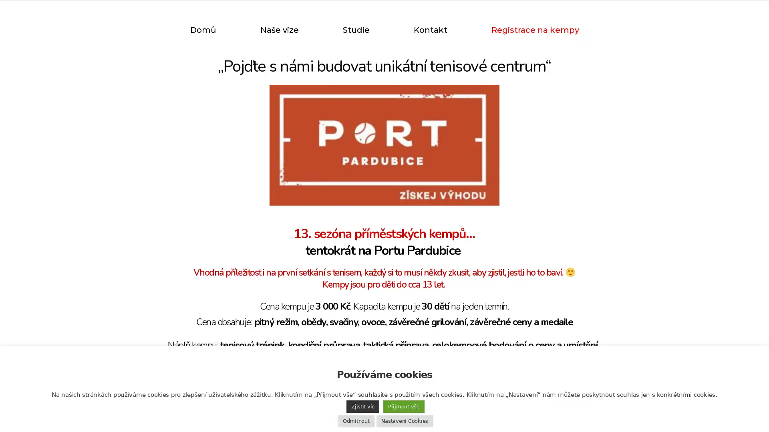 This screenshot has width=769, height=432. Describe the element at coordinates (404, 420) in the screenshot. I see `Nastaveni Cookies` at that location.